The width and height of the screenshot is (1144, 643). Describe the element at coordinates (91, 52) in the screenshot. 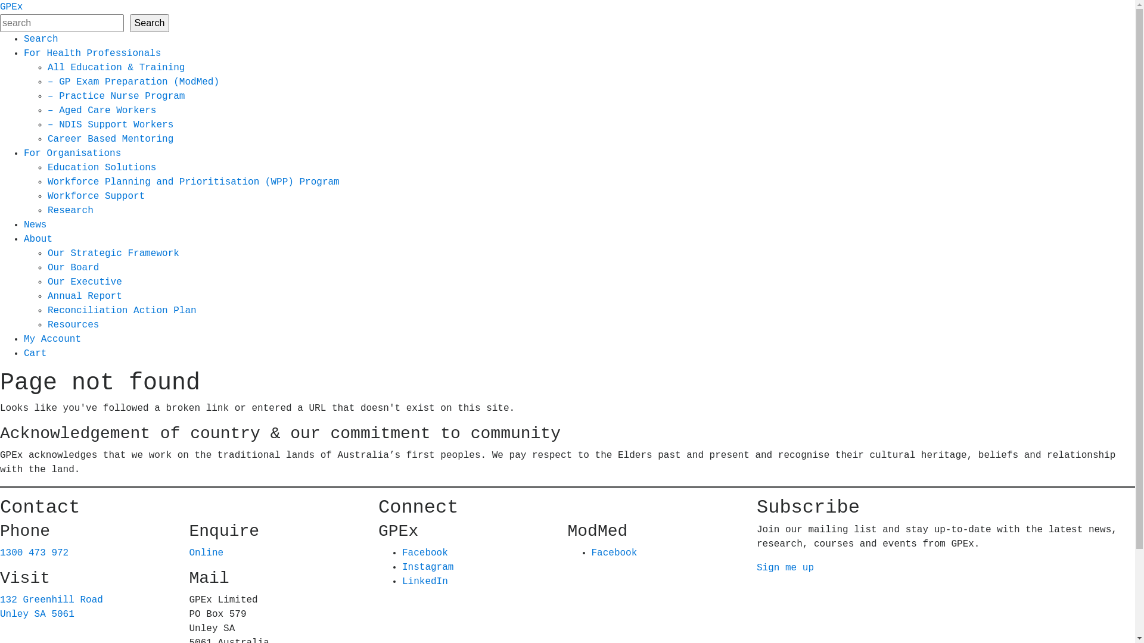

I see `'For Health Professionals'` at that location.